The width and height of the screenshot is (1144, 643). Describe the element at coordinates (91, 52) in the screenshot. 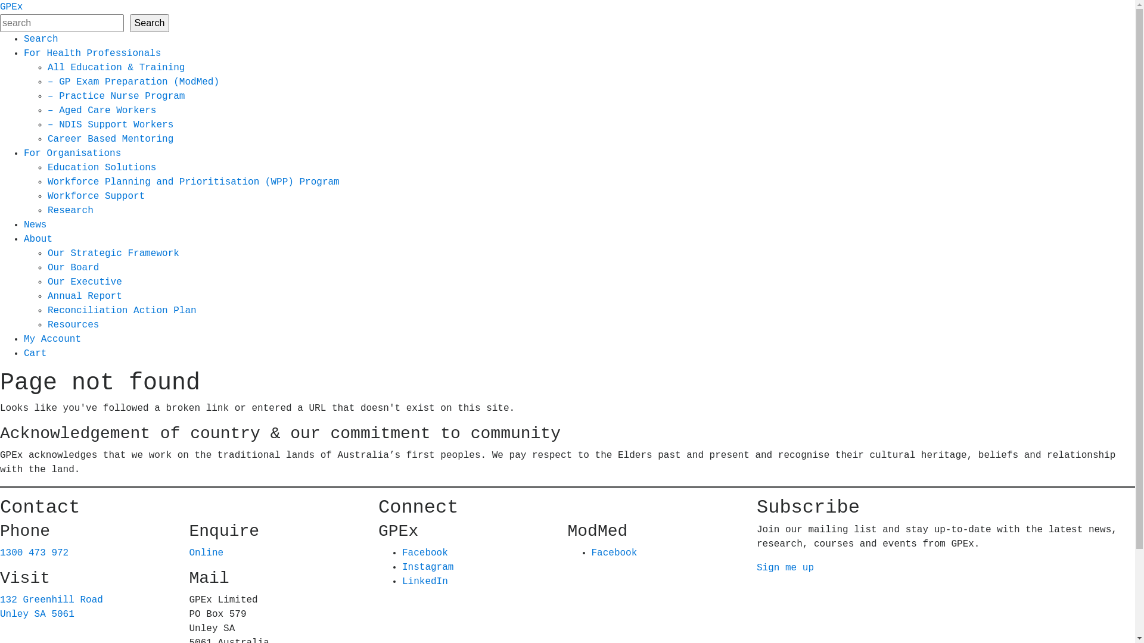

I see `'For Health Professionals'` at that location.